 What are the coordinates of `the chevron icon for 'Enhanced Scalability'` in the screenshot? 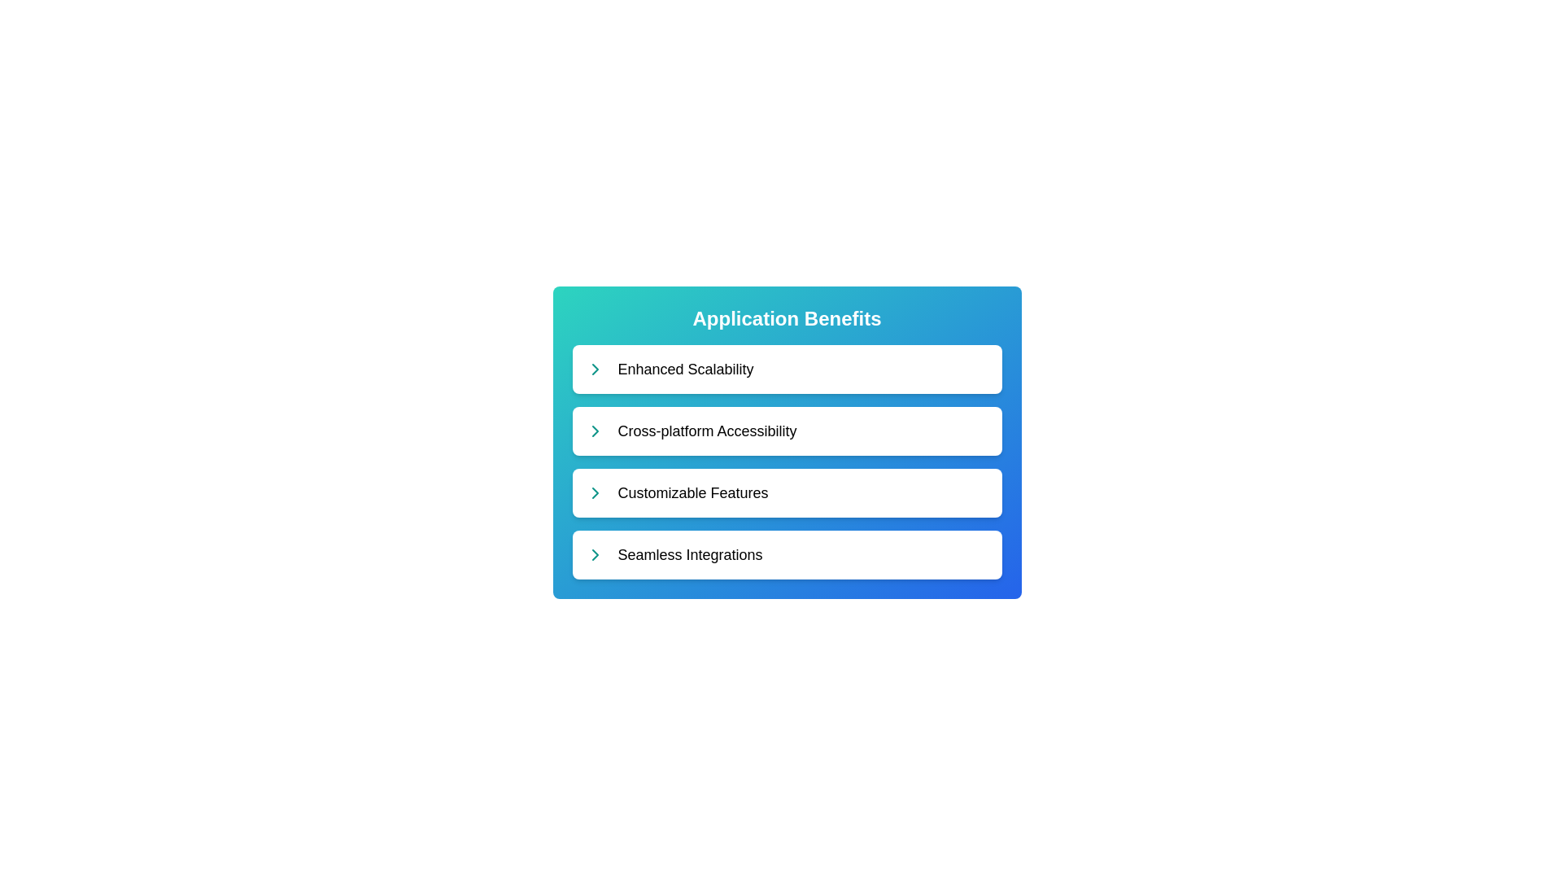 It's located at (594, 370).